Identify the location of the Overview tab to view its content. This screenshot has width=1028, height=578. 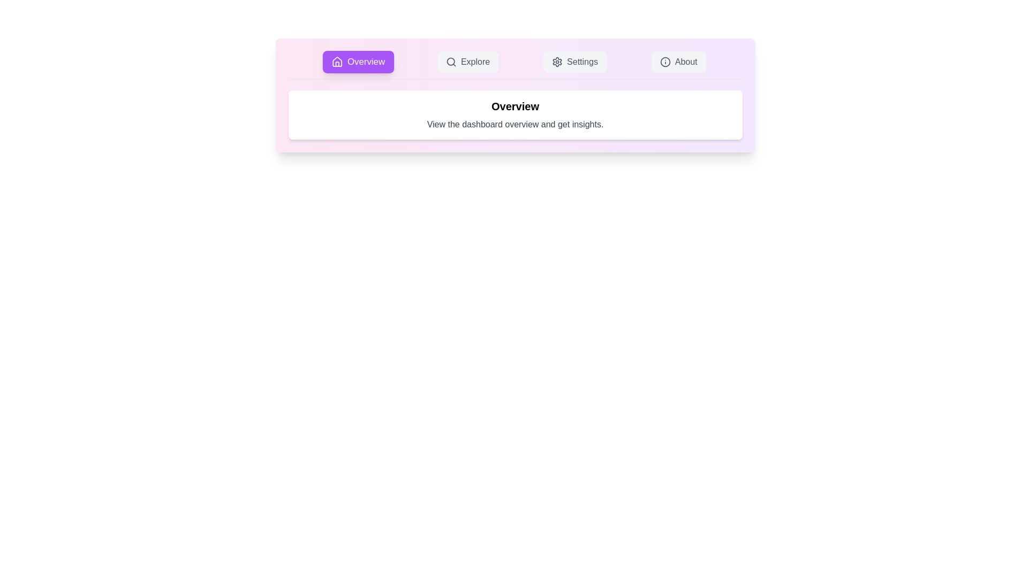
(358, 62).